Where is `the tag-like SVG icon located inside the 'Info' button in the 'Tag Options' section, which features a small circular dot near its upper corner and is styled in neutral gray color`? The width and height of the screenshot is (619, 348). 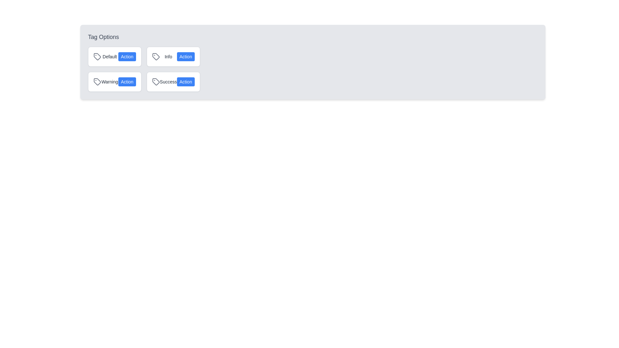
the tag-like SVG icon located inside the 'Info' button in the 'Tag Options' section, which features a small circular dot near its upper corner and is styled in neutral gray color is located at coordinates (156, 56).